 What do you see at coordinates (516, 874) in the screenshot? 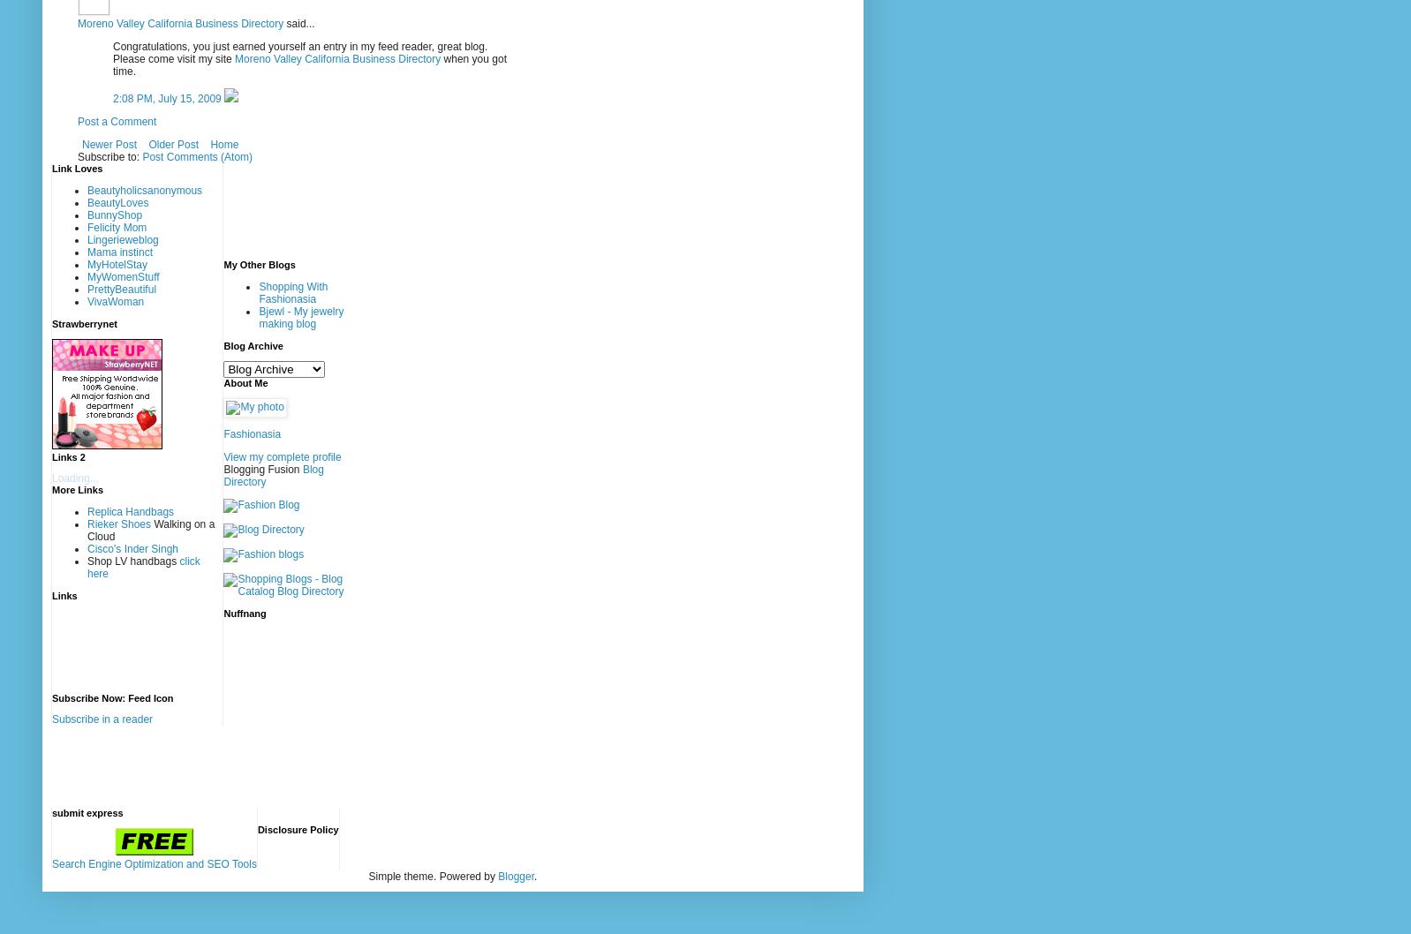
I see `'Blogger'` at bounding box center [516, 874].